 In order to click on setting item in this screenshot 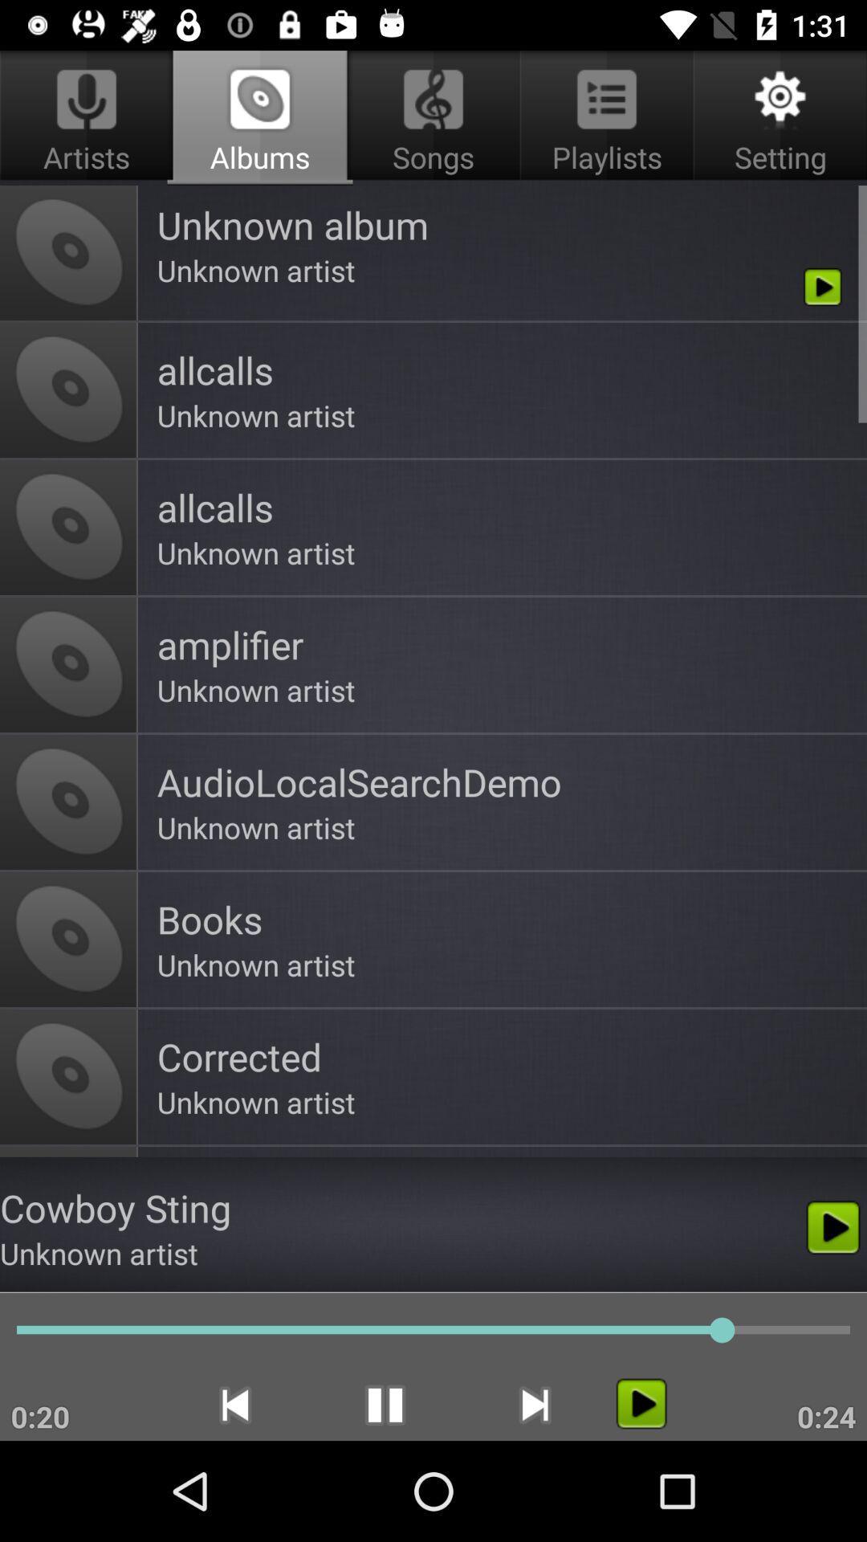, I will do `click(776, 117)`.